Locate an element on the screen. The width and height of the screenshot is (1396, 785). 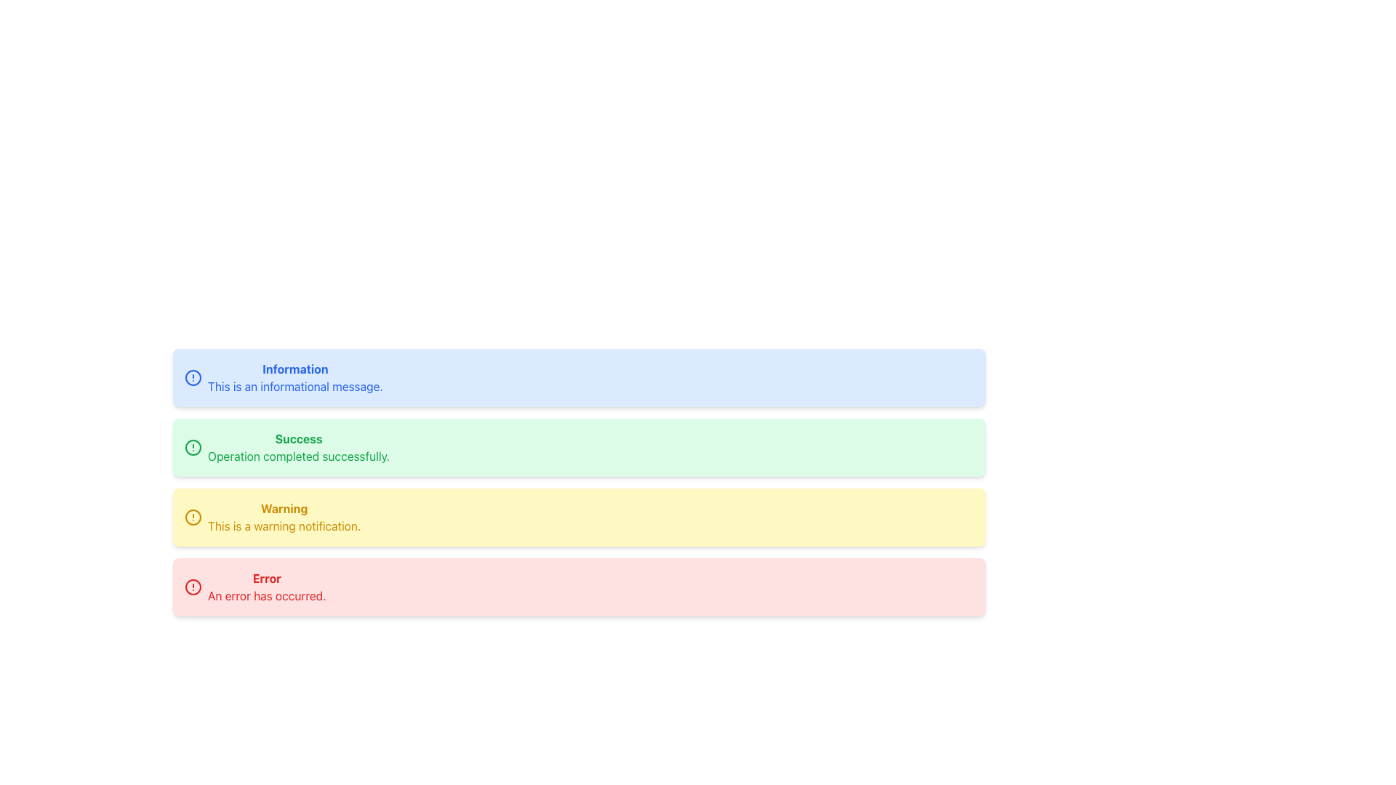
descriptive text located under the bold 'Warning' label in the third yellow notification card is located at coordinates (284, 526).